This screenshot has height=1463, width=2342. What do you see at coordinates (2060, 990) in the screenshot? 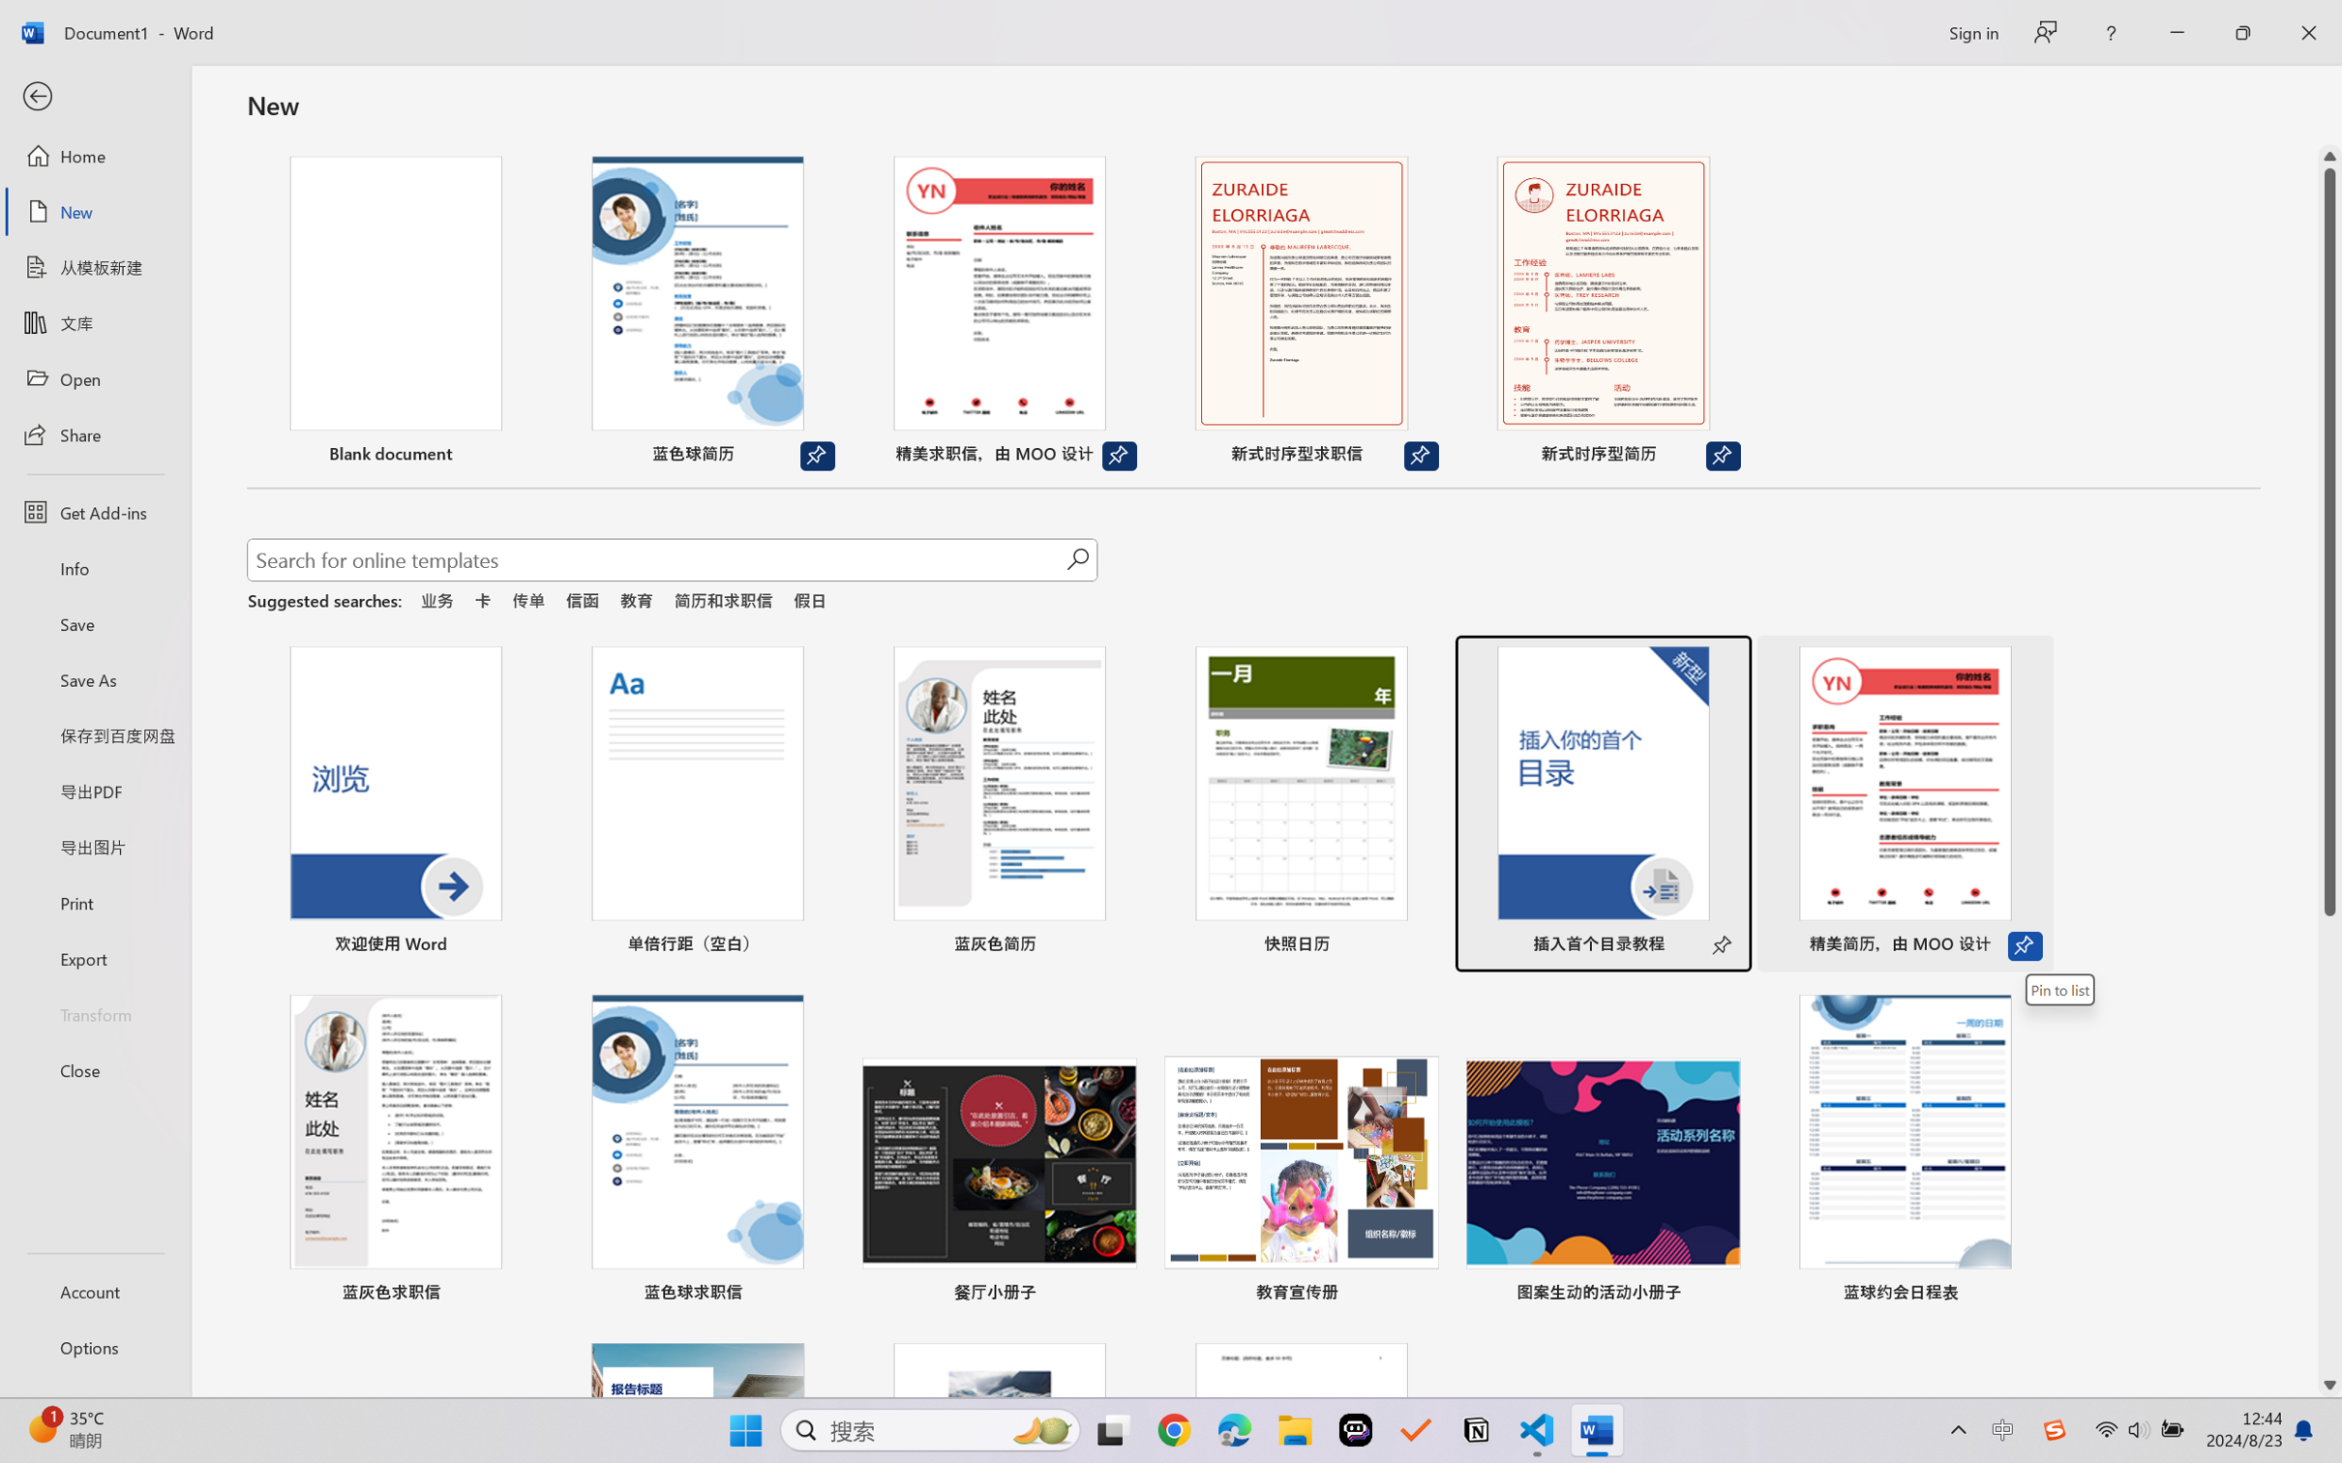
I see `'Pin to list'` at bounding box center [2060, 990].